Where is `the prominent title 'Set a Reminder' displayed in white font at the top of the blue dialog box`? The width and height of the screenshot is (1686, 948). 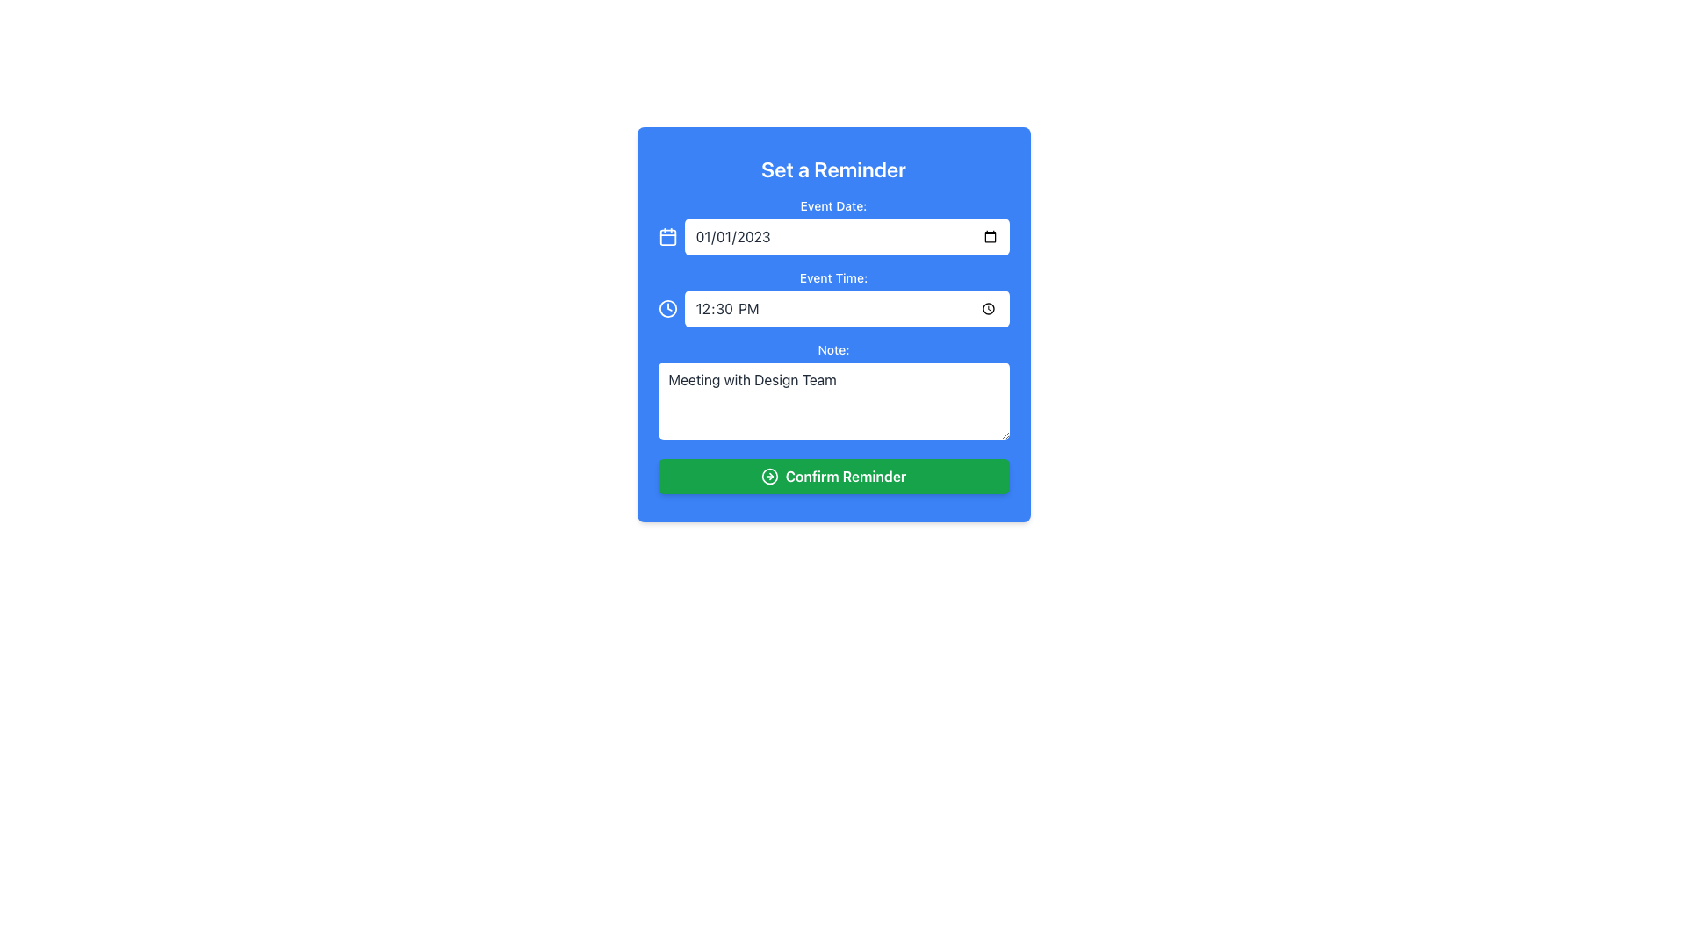
the prominent title 'Set a Reminder' displayed in white font at the top of the blue dialog box is located at coordinates (832, 169).